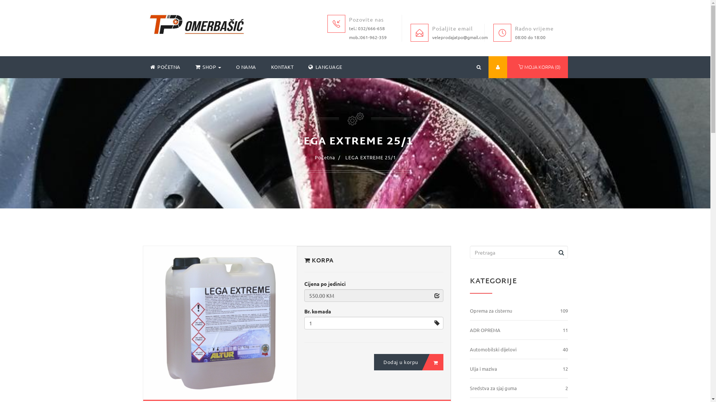 The height and width of the screenshot is (402, 716). Describe the element at coordinates (408, 361) in the screenshot. I see `'Dodaj u korpu'` at that location.